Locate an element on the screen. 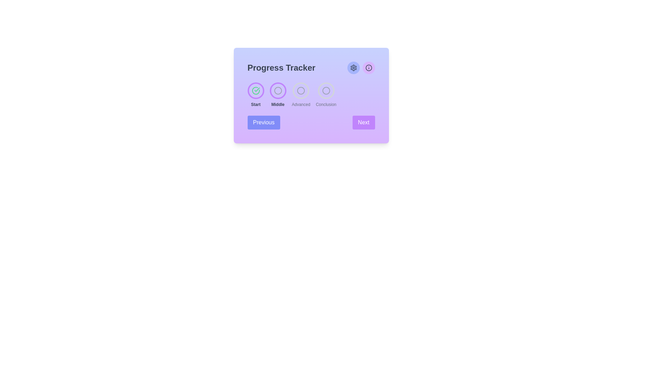 Image resolution: width=665 pixels, height=374 pixels. the completion indicator icon for the first step in the Progress Tracker section, which is visually distinct by its purple border and located near the text 'Start' is located at coordinates (255, 90).